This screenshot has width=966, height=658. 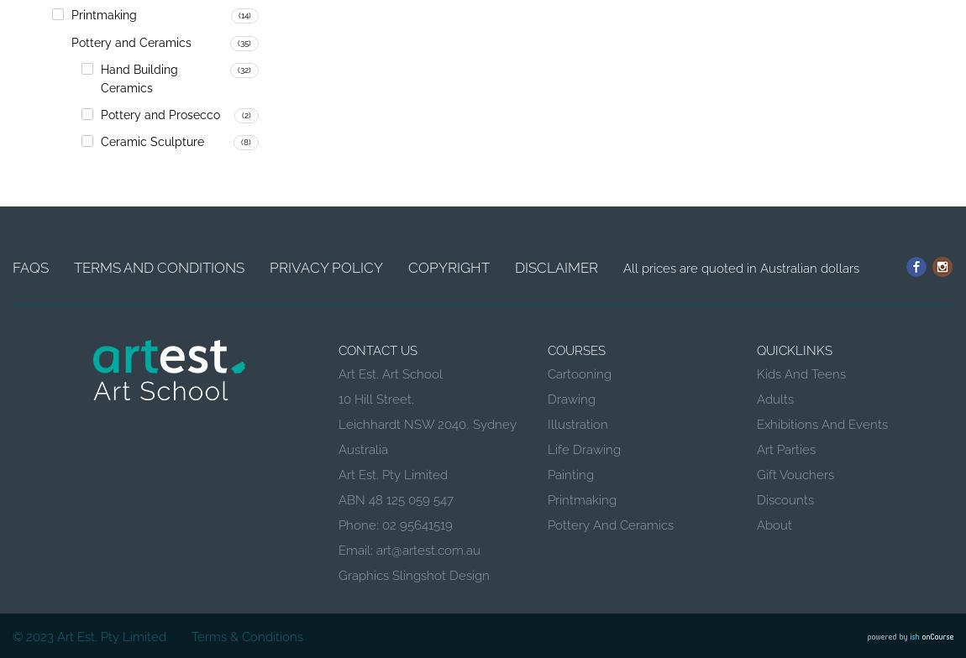 I want to click on 'Leichhardt NSW 2040, Sydney Australia', so click(x=338, y=436).